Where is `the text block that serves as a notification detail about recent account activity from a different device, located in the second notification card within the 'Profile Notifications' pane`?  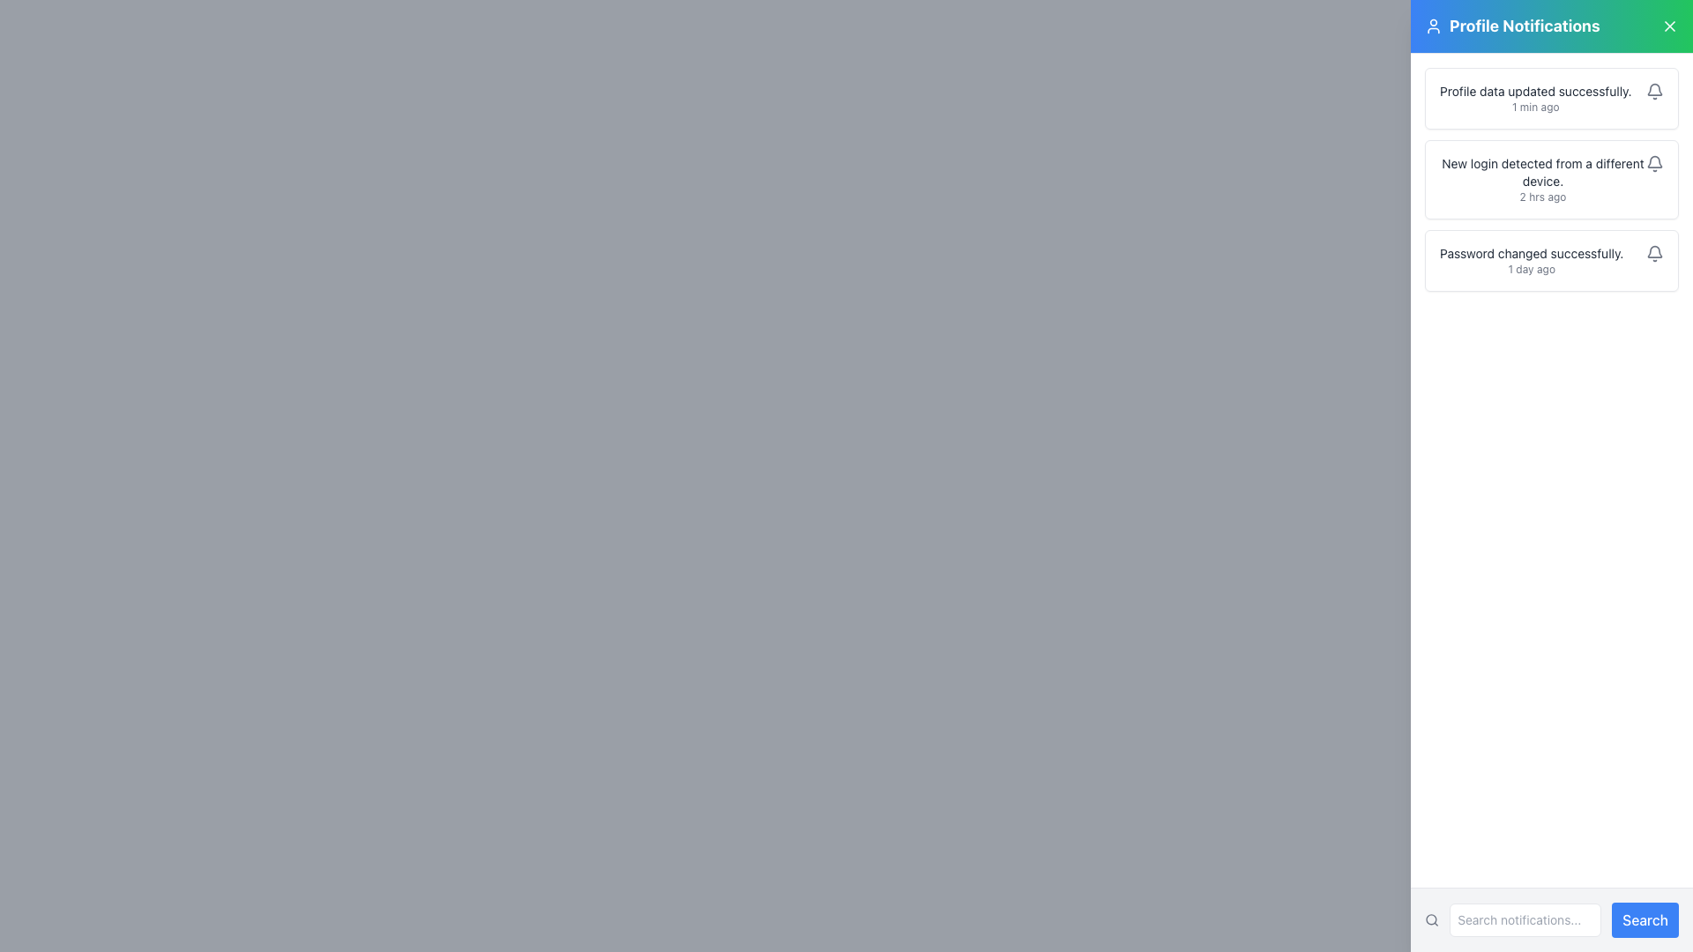
the text block that serves as a notification detail about recent account activity from a different device, located in the second notification card within the 'Profile Notifications' pane is located at coordinates (1542, 180).